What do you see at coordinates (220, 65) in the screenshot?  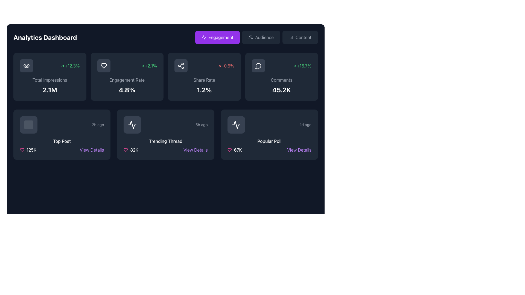 I see `the downward right arrow icon located in the 'Share Rate' panel, which is positioned to the left of the '-0.5%' numeric change indicator` at bounding box center [220, 65].